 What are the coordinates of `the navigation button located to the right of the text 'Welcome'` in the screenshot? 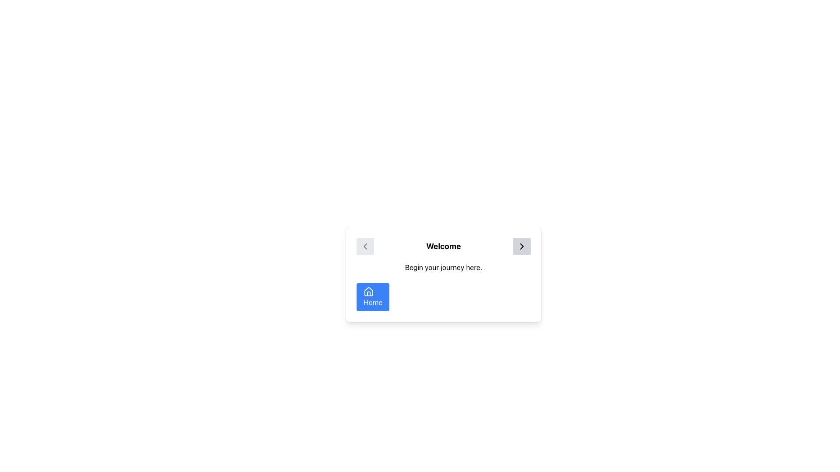 It's located at (521, 246).